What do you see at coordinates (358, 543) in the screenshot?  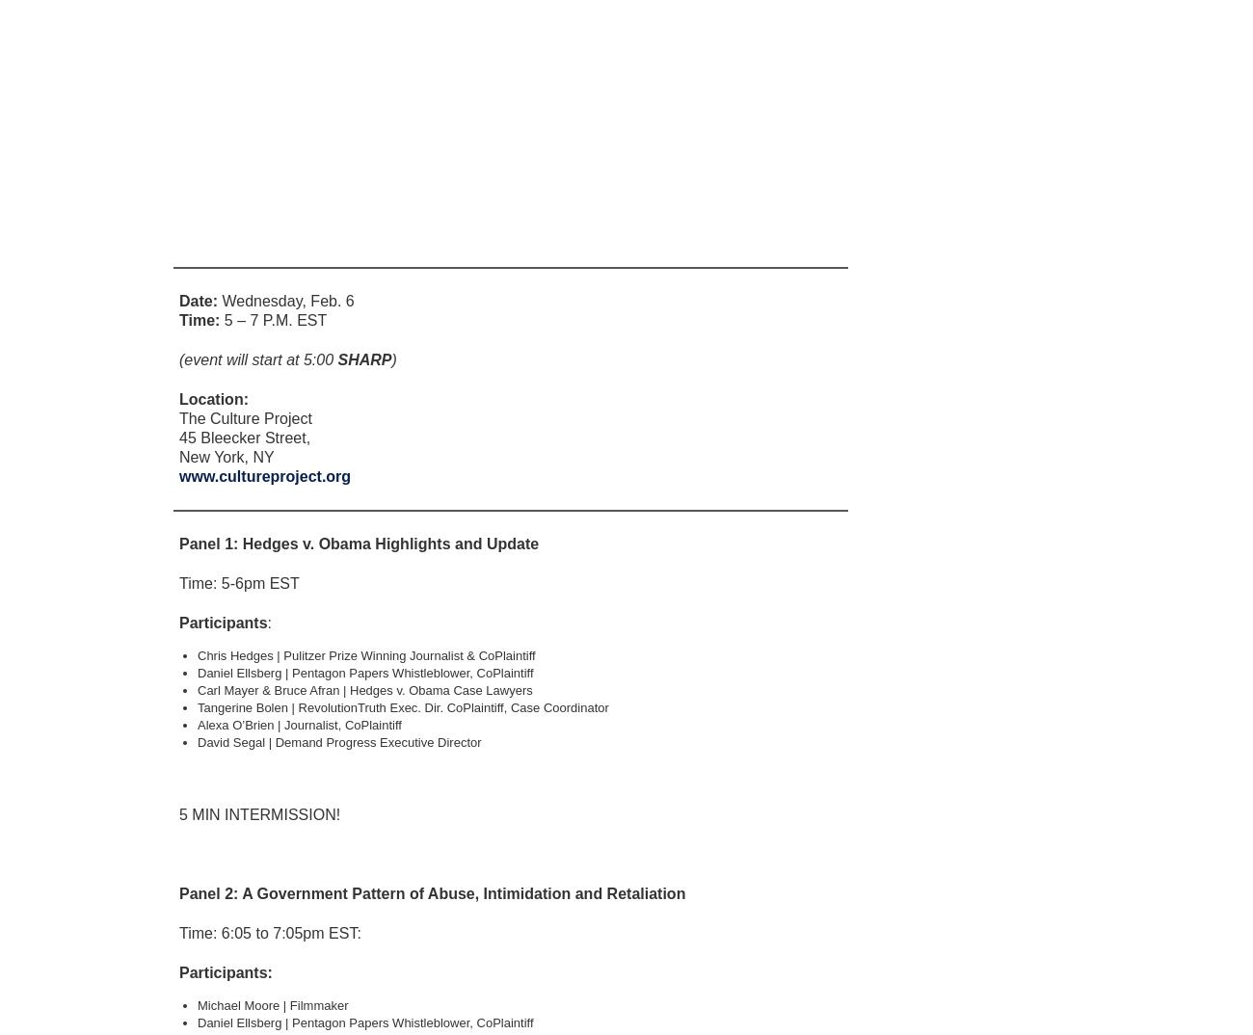 I see `'Panel 1: Hedges v. Obama Highlights and Update'` at bounding box center [358, 543].